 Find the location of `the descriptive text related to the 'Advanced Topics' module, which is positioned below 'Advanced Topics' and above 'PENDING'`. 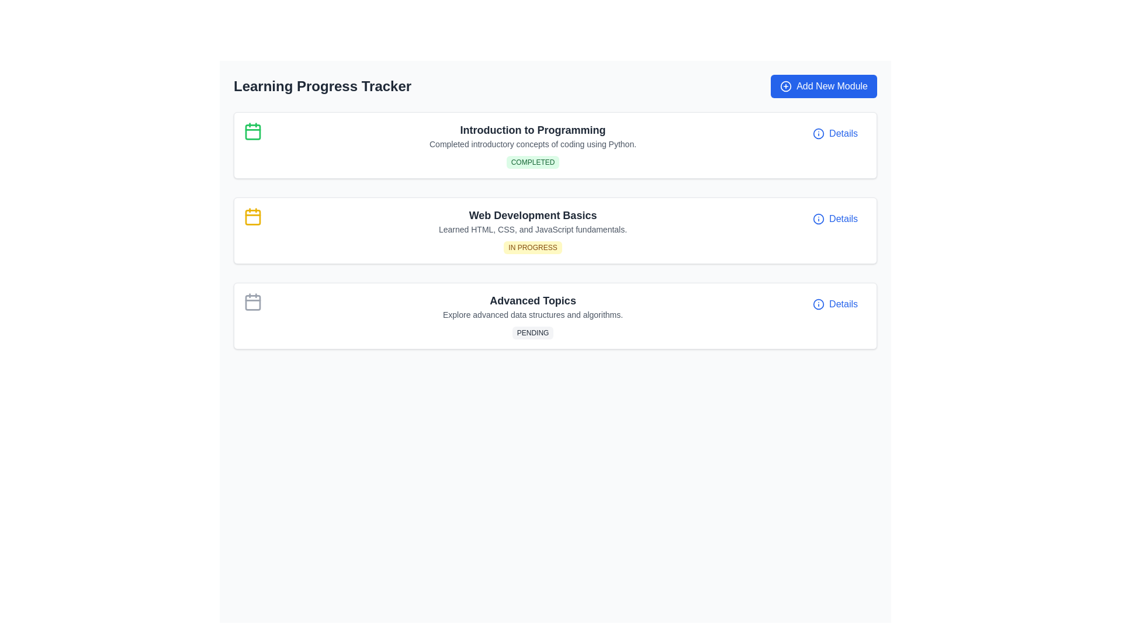

the descriptive text related to the 'Advanced Topics' module, which is positioned below 'Advanced Topics' and above 'PENDING' is located at coordinates (532, 314).